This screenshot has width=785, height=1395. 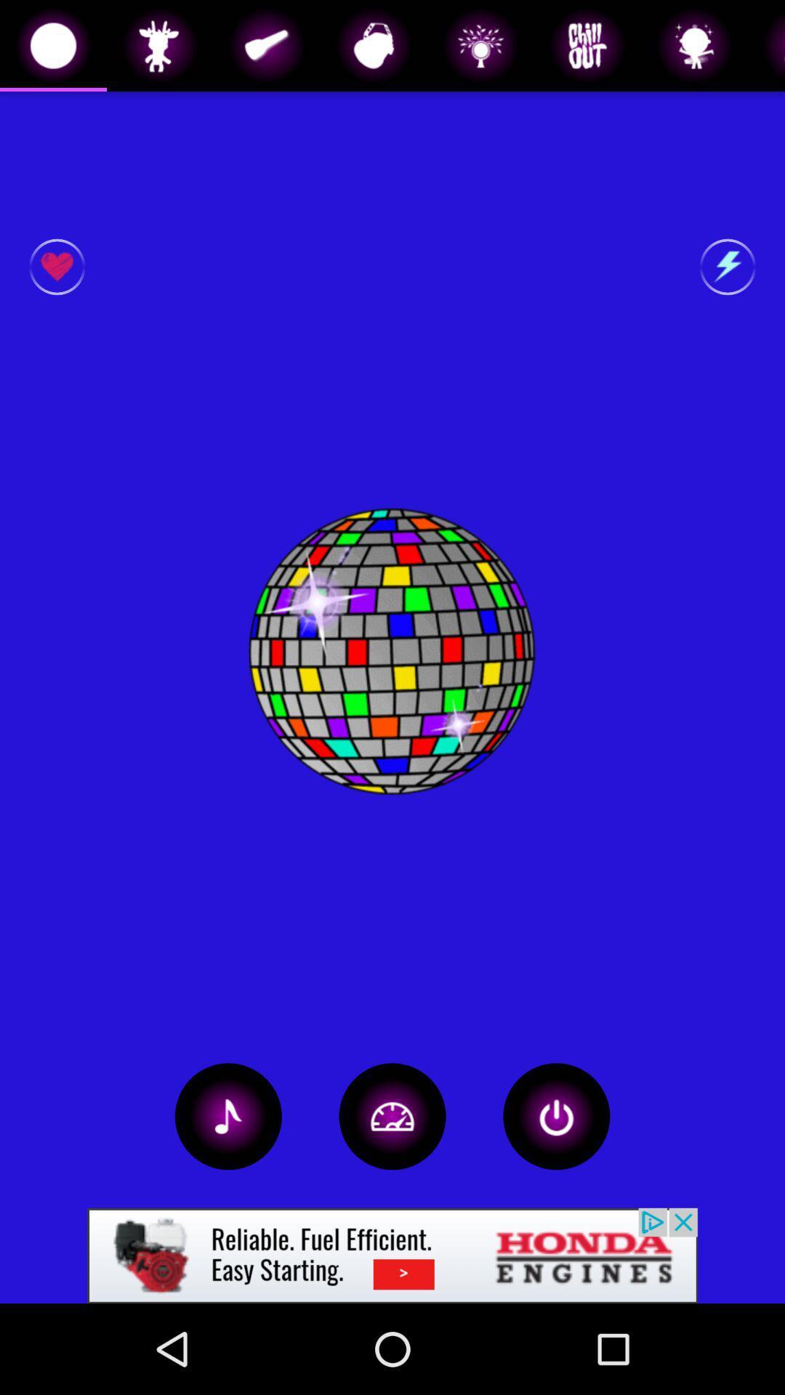 What do you see at coordinates (56, 267) in the screenshot?
I see `the favorite icon` at bounding box center [56, 267].